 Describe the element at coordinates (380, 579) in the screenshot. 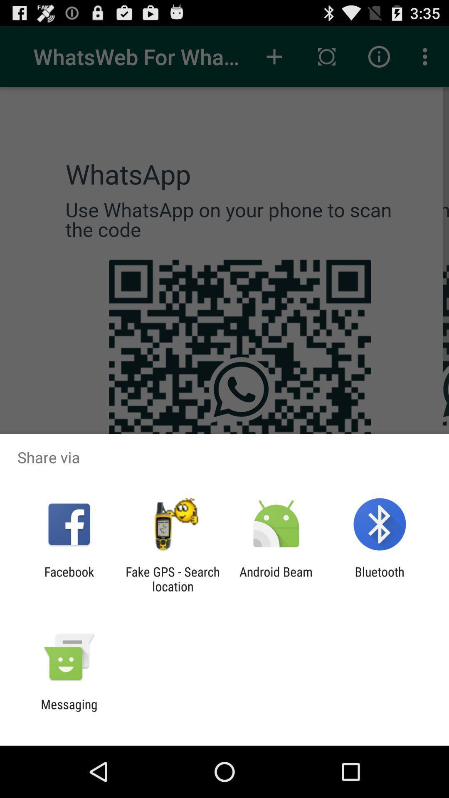

I see `icon next to android beam app` at that location.